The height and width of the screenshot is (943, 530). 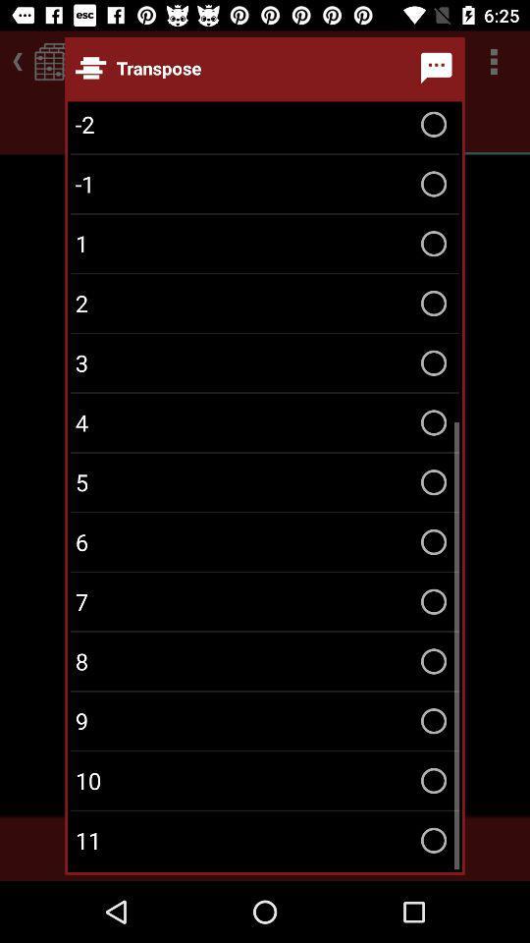 What do you see at coordinates (265, 422) in the screenshot?
I see `the item above 5 icon` at bounding box center [265, 422].